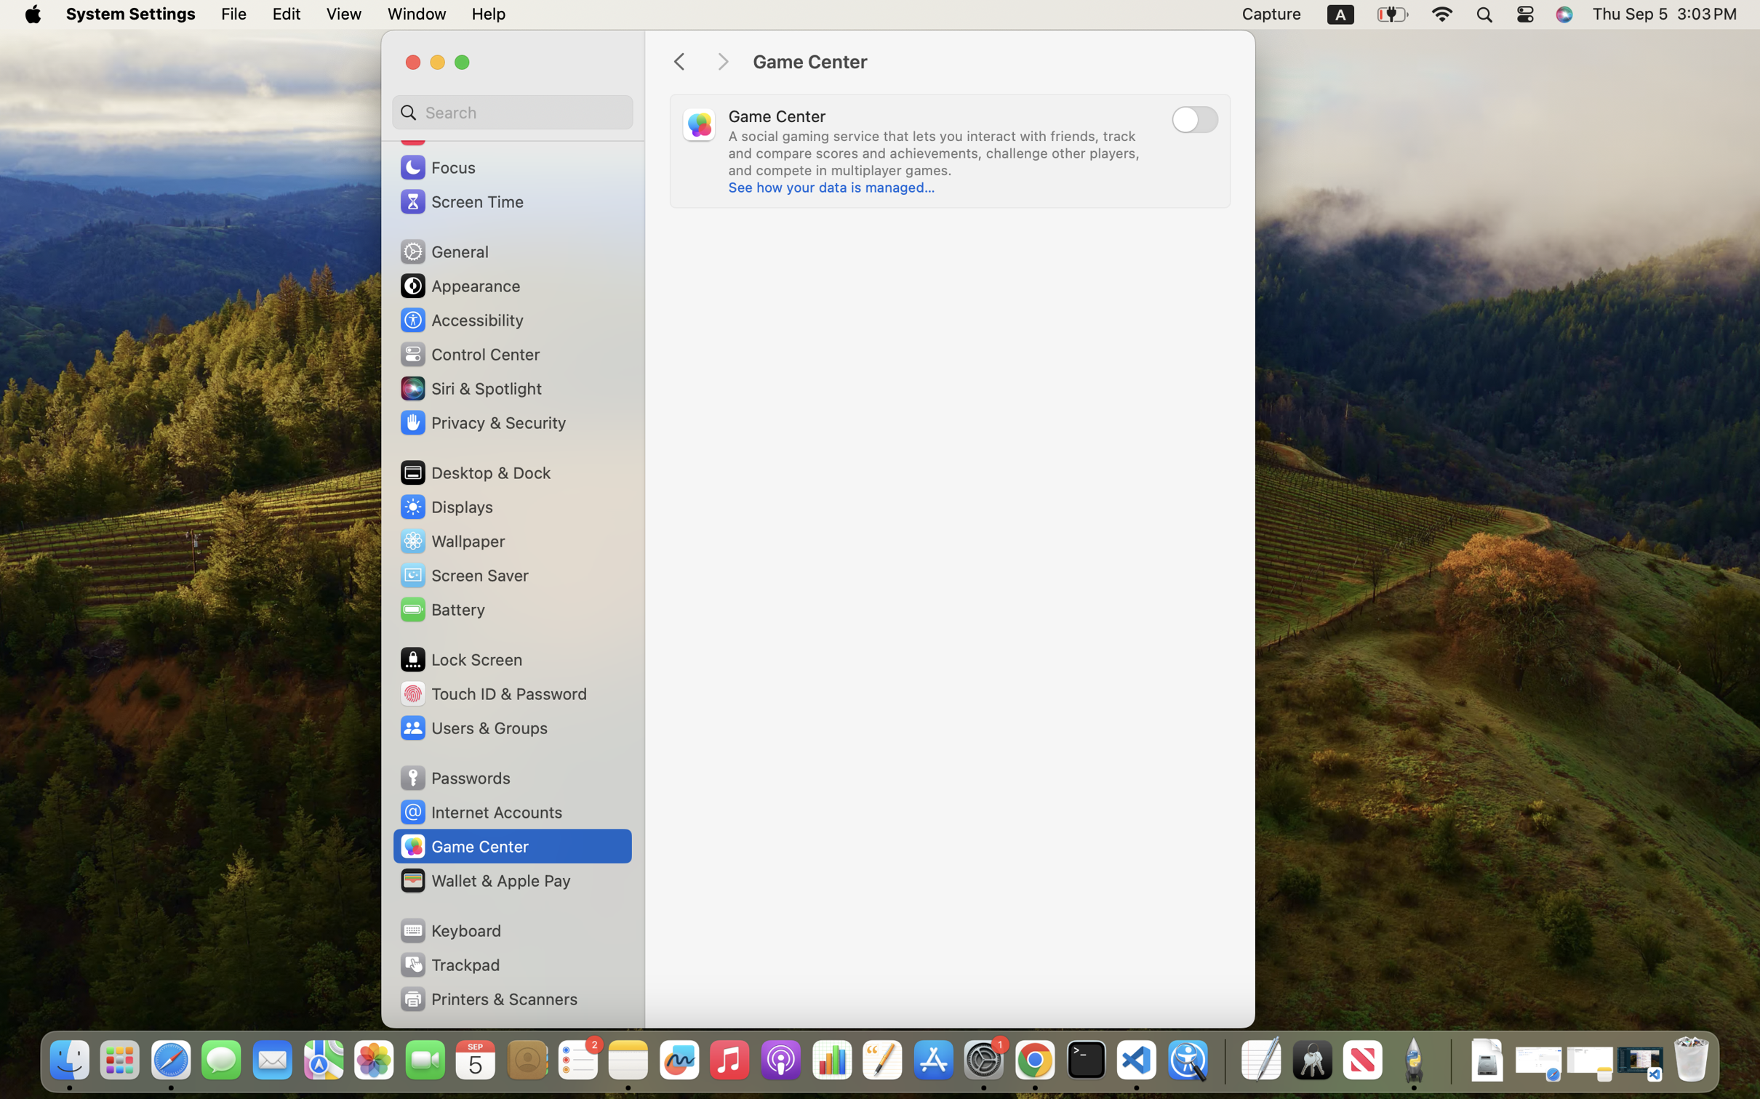  What do you see at coordinates (452, 540) in the screenshot?
I see `'Wallpaper'` at bounding box center [452, 540].